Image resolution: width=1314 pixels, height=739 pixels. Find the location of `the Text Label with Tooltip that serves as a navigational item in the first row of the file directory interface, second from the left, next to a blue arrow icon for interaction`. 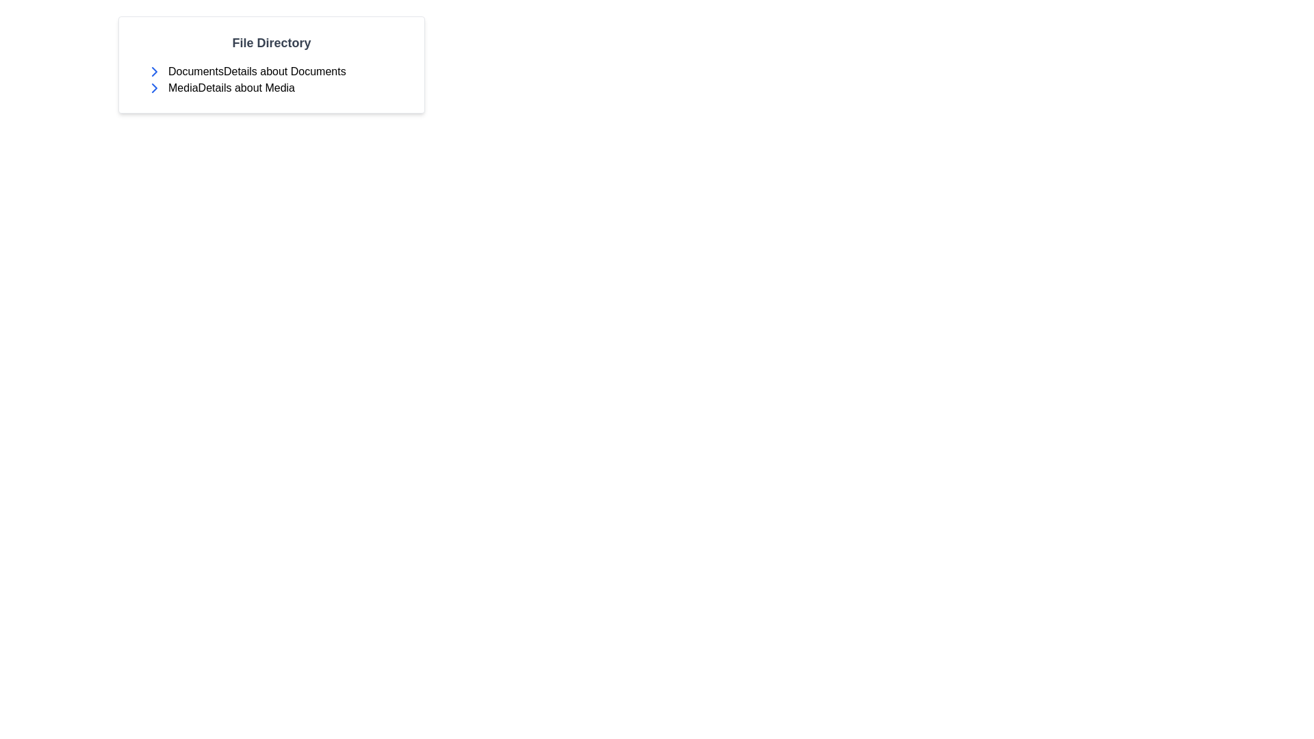

the Text Label with Tooltip that serves as a navigational item in the first row of the file directory interface, second from the left, next to a blue arrow icon for interaction is located at coordinates (257, 71).